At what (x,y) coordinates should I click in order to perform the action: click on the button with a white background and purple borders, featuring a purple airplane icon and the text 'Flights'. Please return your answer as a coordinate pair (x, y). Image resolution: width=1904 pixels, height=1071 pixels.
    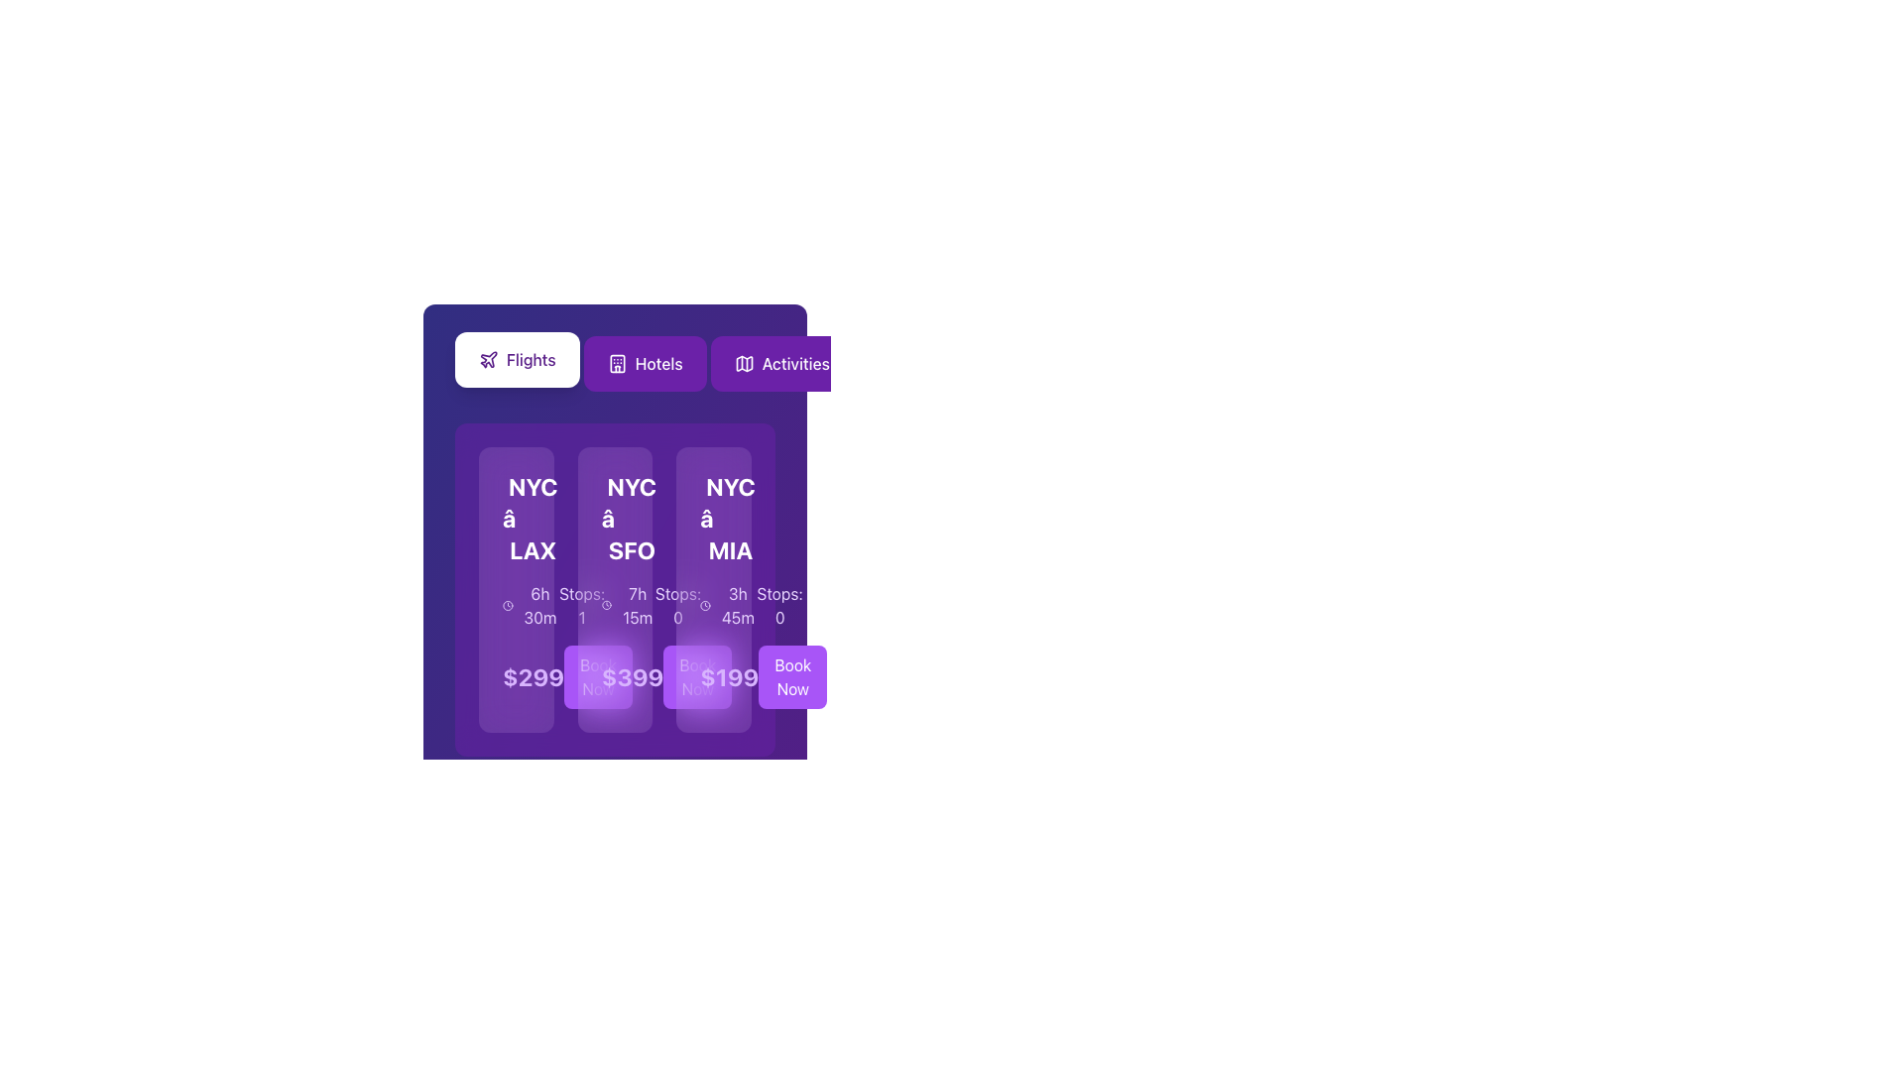
    Looking at the image, I should click on (517, 359).